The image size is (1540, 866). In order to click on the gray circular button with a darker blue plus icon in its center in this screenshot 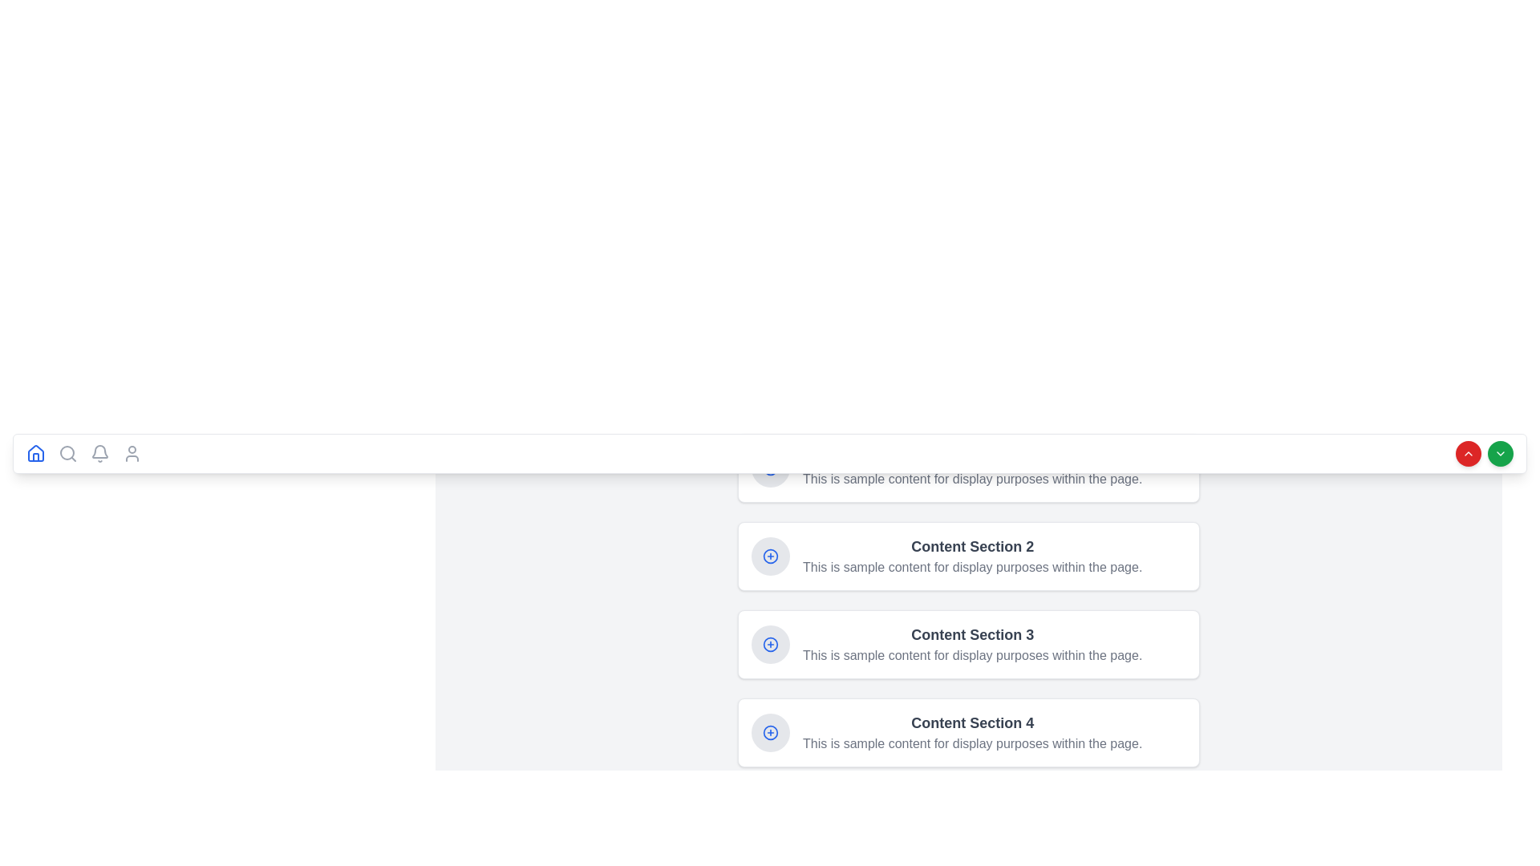, I will do `click(770, 467)`.